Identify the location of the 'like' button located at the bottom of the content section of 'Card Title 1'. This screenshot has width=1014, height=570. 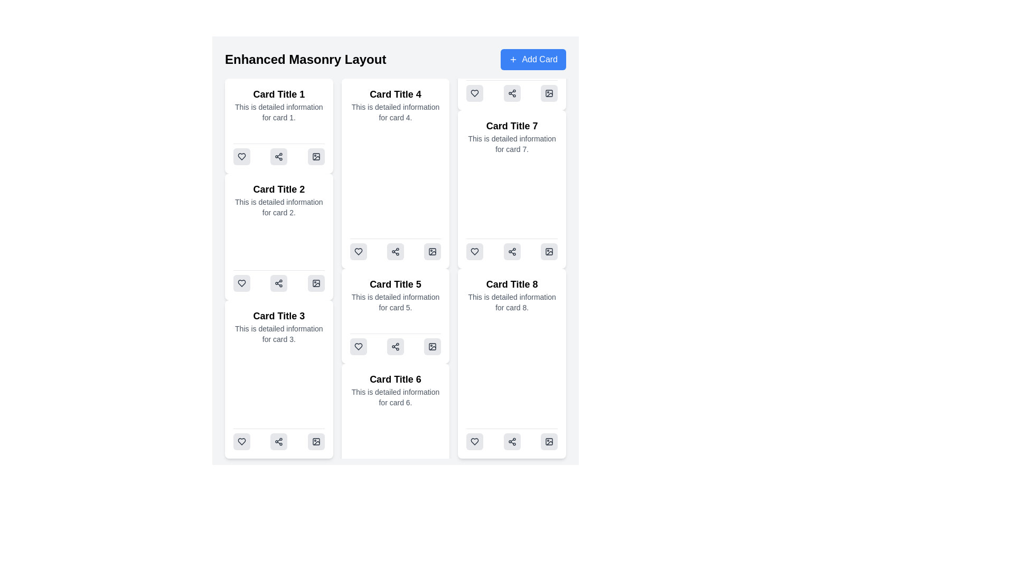
(241, 157).